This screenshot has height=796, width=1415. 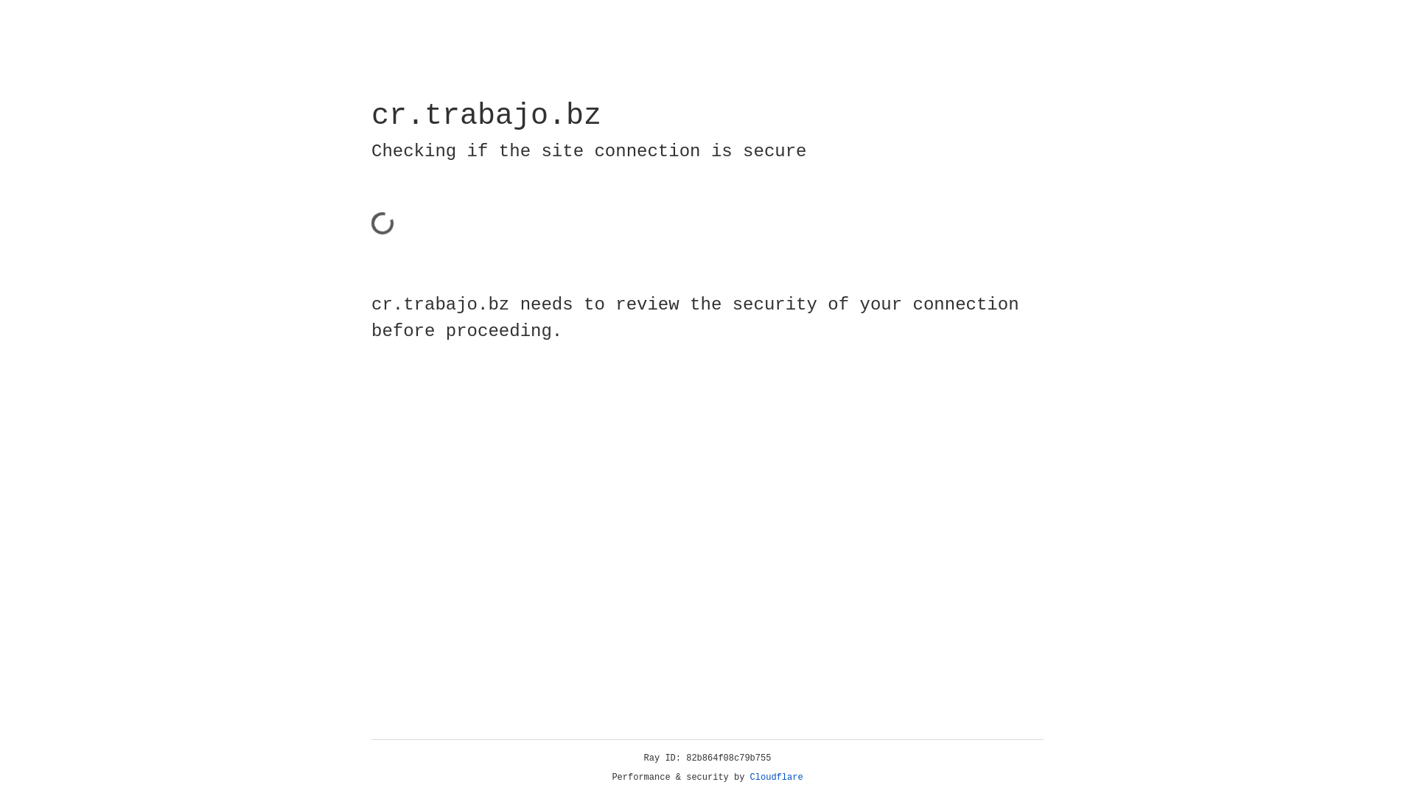 What do you see at coordinates (750, 777) in the screenshot?
I see `'Cloudflare'` at bounding box center [750, 777].